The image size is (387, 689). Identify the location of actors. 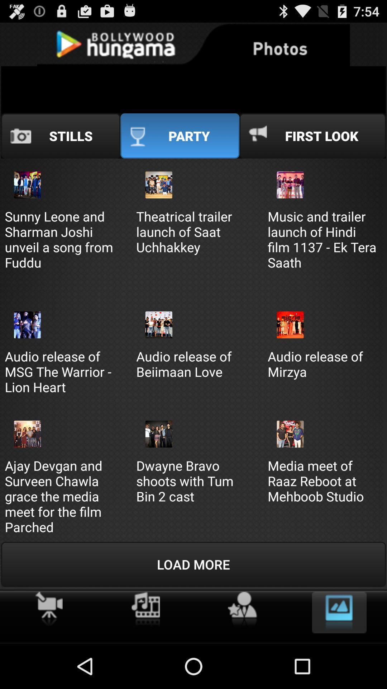
(242, 609).